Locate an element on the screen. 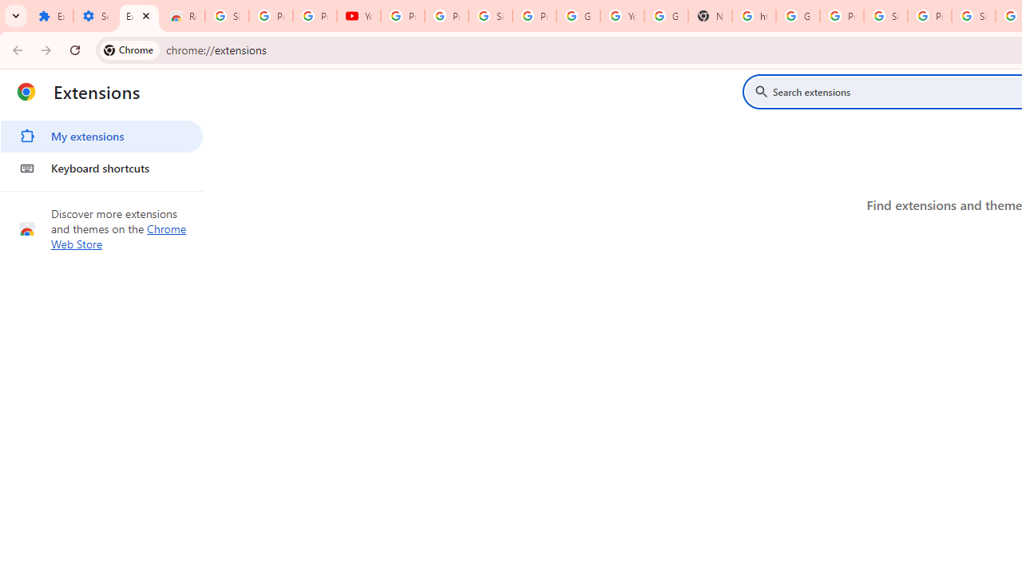 This screenshot has height=575, width=1022. 'Google Account' is located at coordinates (578, 16).